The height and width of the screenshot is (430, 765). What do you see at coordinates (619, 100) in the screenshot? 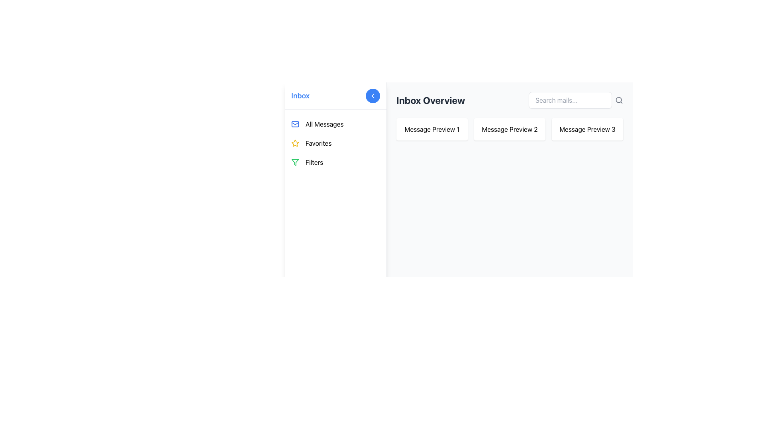
I see `the search icon located at the top-right corner of the central content area` at bounding box center [619, 100].